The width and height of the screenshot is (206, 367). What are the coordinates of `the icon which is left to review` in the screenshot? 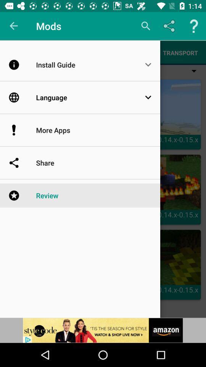 It's located at (22, 195).